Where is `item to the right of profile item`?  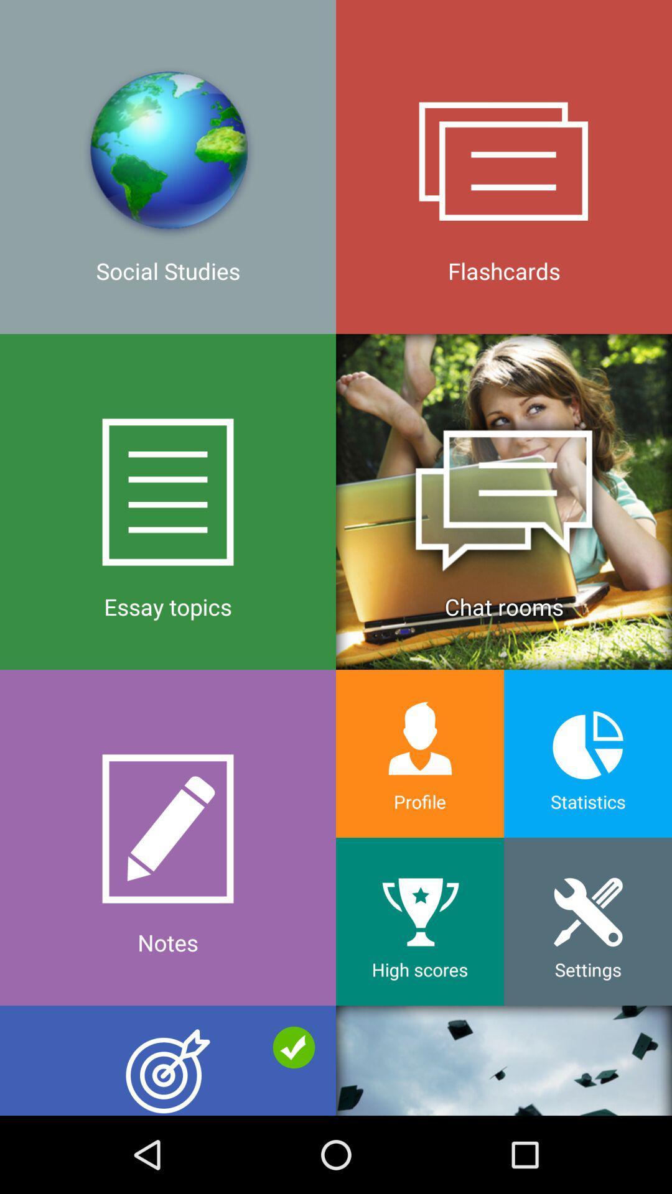 item to the right of profile item is located at coordinates (588, 922).